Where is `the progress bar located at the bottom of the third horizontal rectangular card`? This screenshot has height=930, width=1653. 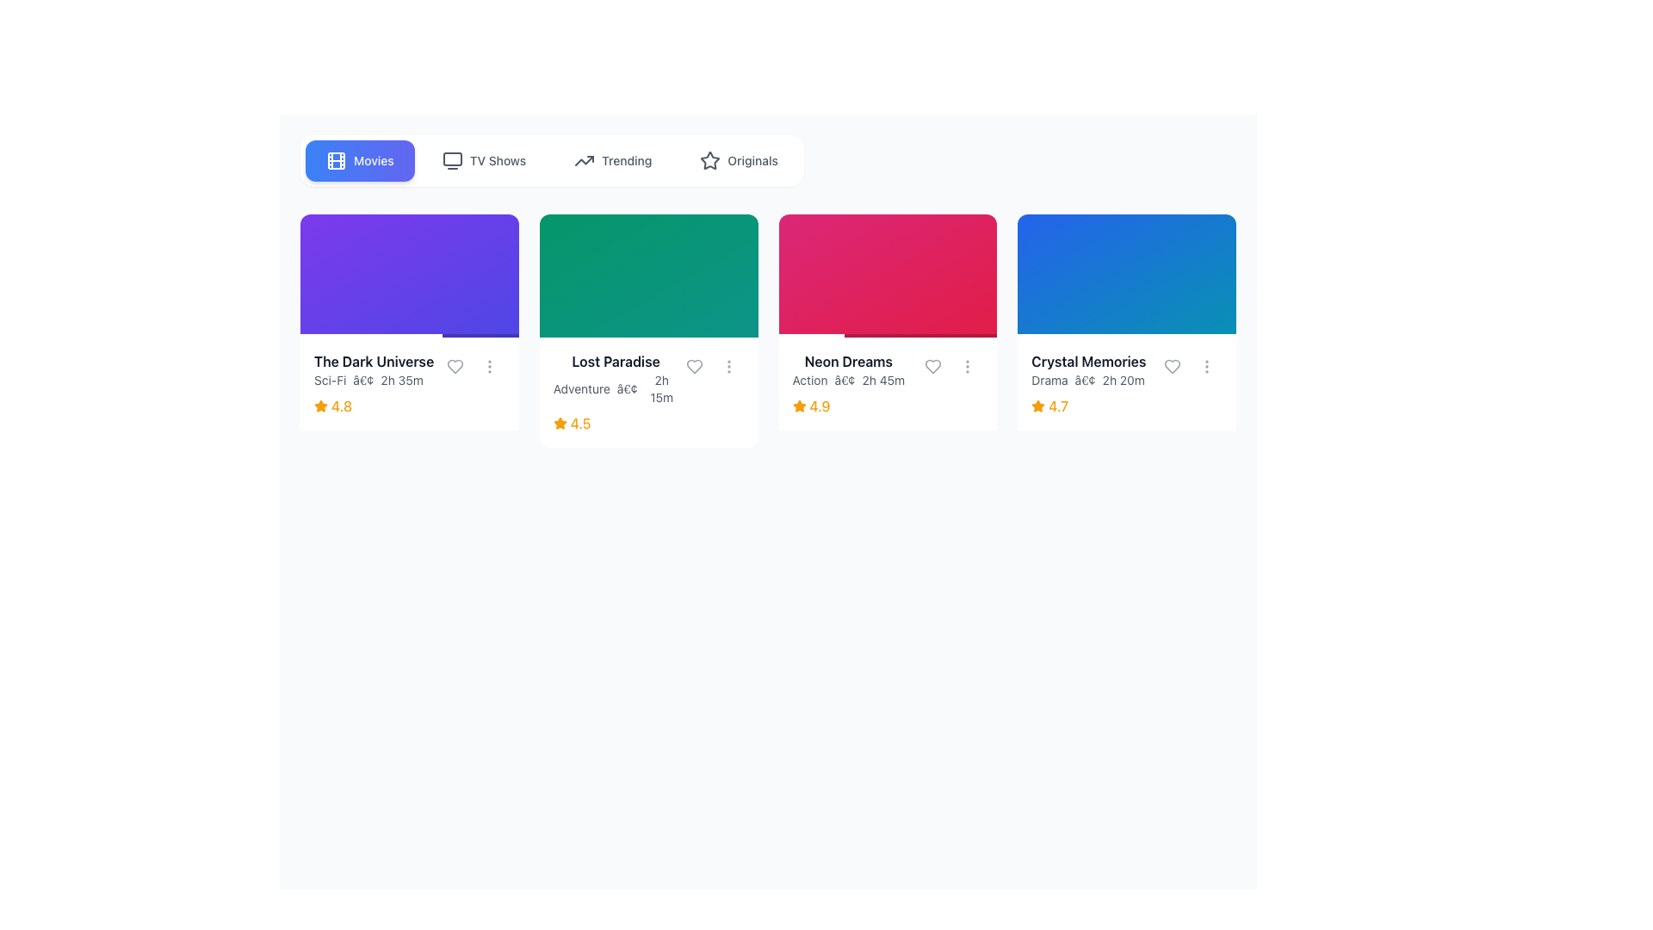
the progress bar located at the bottom of the third horizontal rectangular card is located at coordinates (888, 335).